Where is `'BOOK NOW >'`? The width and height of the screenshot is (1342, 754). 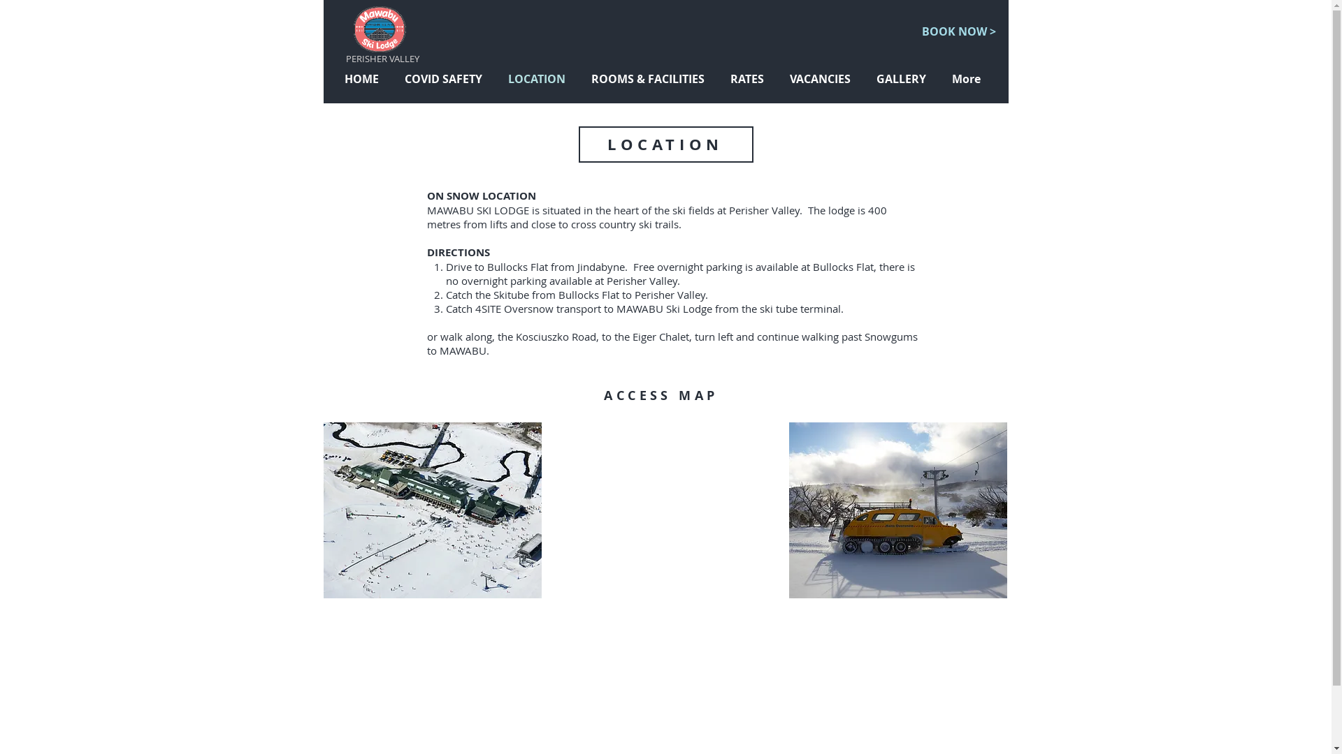
'BOOK NOW >' is located at coordinates (958, 31).